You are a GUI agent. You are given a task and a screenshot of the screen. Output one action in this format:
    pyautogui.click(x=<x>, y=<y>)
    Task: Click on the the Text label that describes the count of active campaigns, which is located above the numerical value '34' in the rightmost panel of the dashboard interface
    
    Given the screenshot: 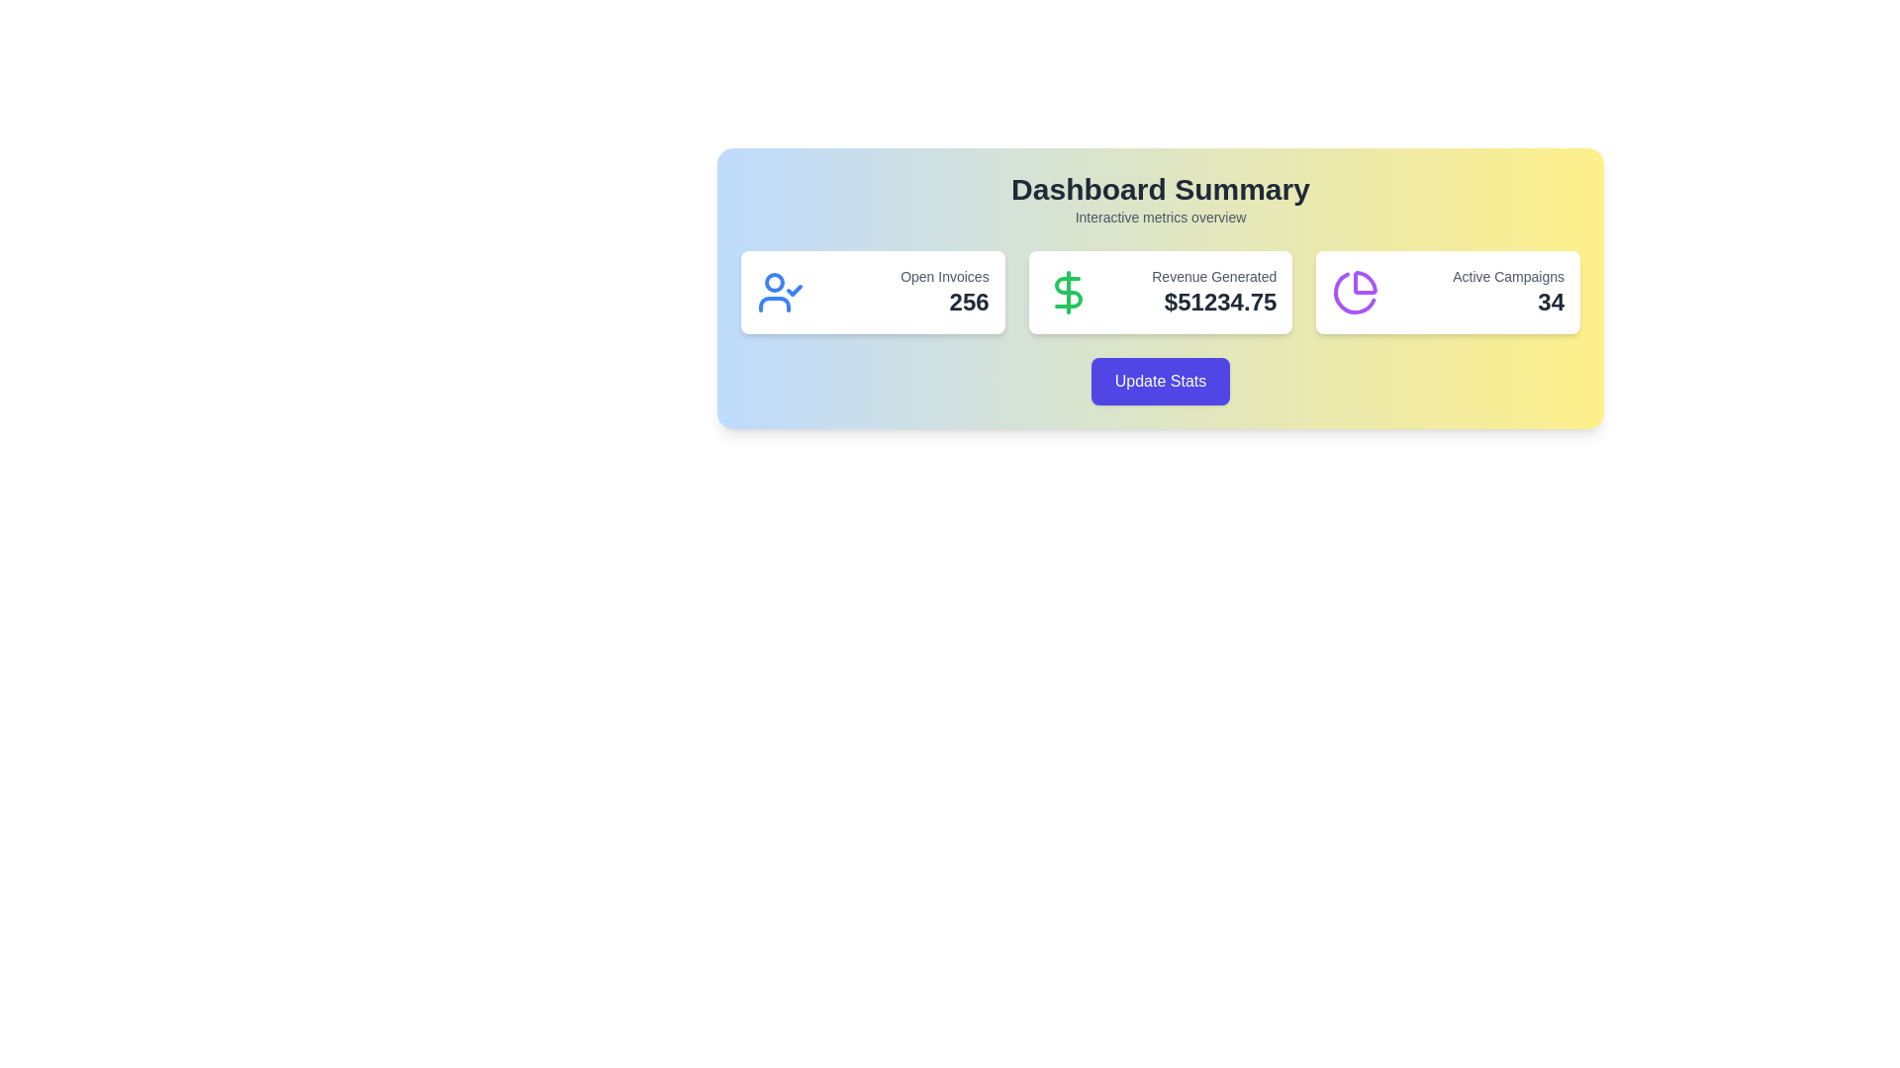 What is the action you would take?
    pyautogui.click(x=1507, y=277)
    